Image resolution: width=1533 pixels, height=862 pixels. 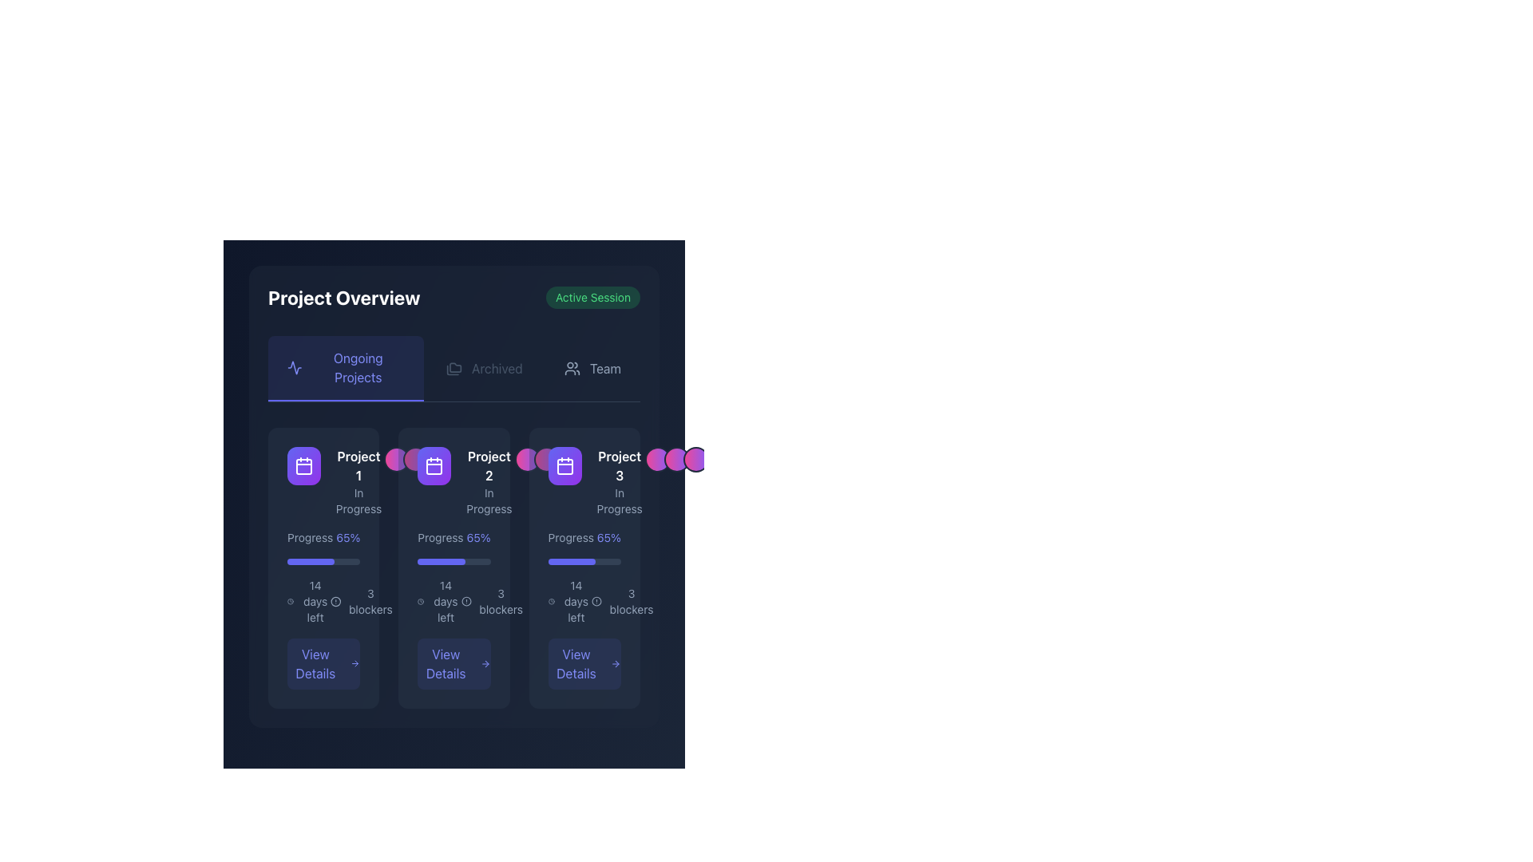 What do you see at coordinates (619, 500) in the screenshot?
I see `the text label displaying 'In Progress' located under the 'Project 3' heading within the card layout` at bounding box center [619, 500].